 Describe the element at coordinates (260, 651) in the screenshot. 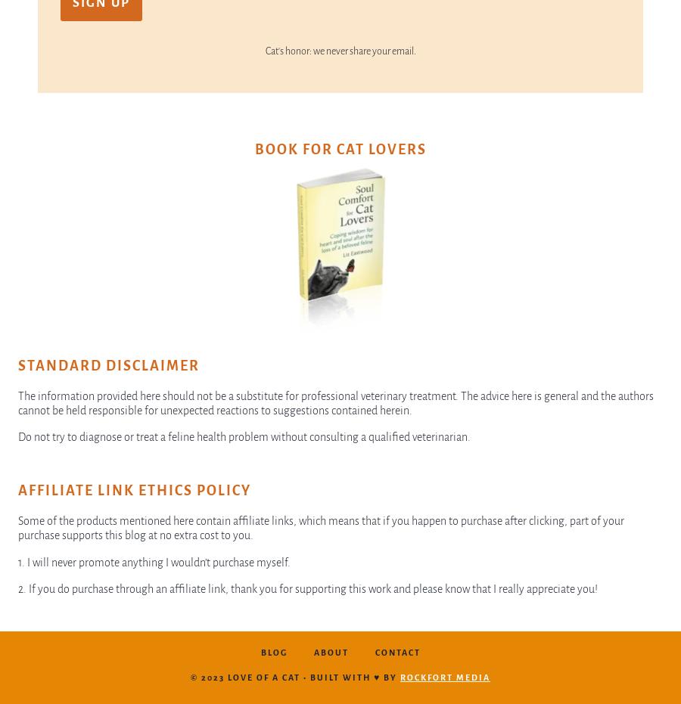

I see `'Blog'` at that location.